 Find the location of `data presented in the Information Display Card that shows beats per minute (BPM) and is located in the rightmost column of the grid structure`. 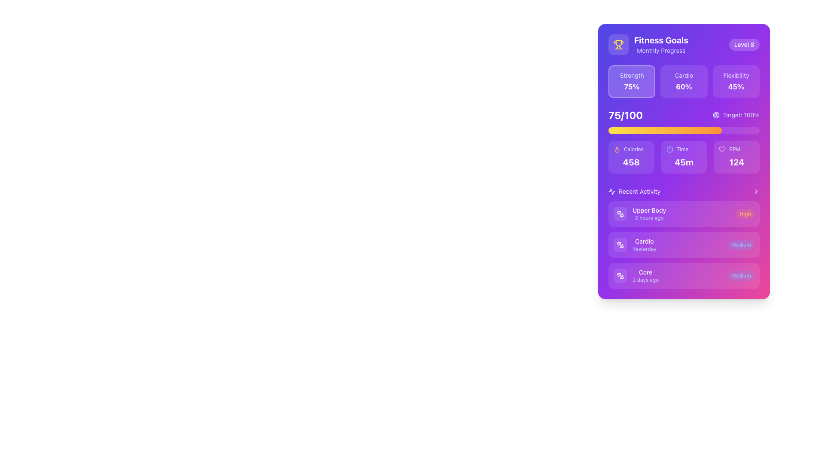

data presented in the Information Display Card that shows beats per minute (BPM) and is located in the rightmost column of the grid structure is located at coordinates (736, 157).